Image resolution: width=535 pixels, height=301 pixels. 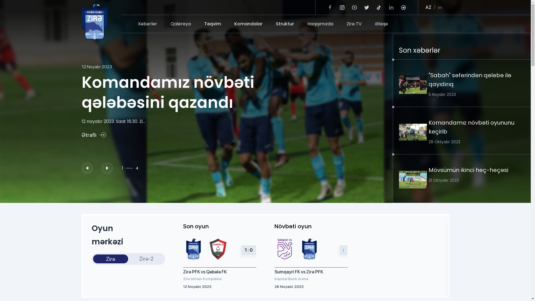 What do you see at coordinates (428, 8) in the screenshot?
I see `'AZ'` at bounding box center [428, 8].